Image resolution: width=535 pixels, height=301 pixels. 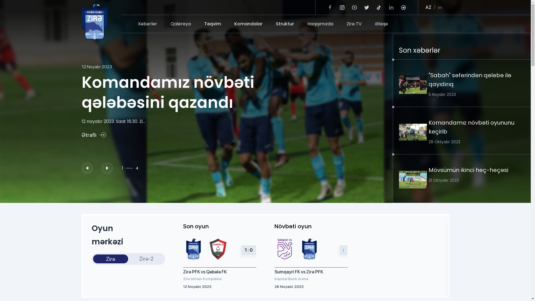 What do you see at coordinates (428, 8) in the screenshot?
I see `'AZ'` at bounding box center [428, 8].